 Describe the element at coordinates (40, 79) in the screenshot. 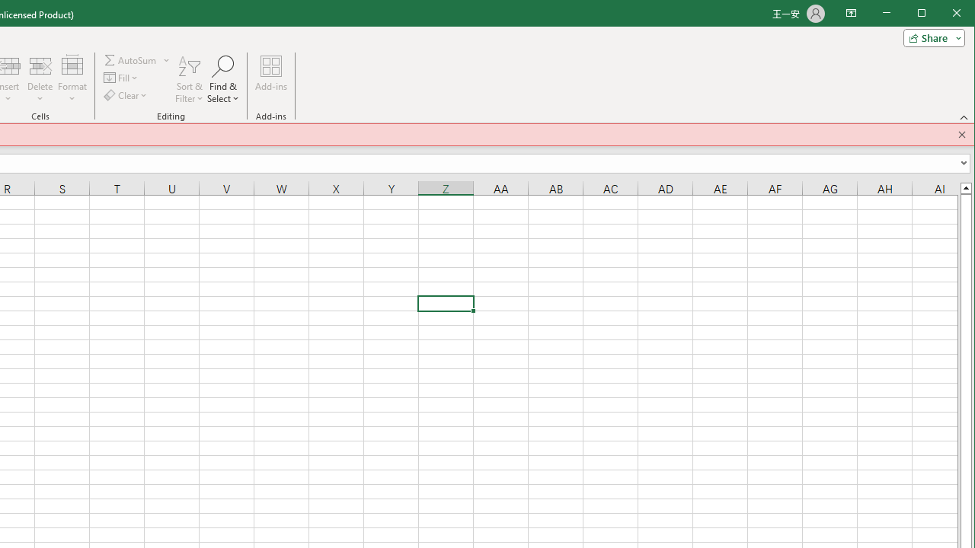

I see `'Delete'` at that location.